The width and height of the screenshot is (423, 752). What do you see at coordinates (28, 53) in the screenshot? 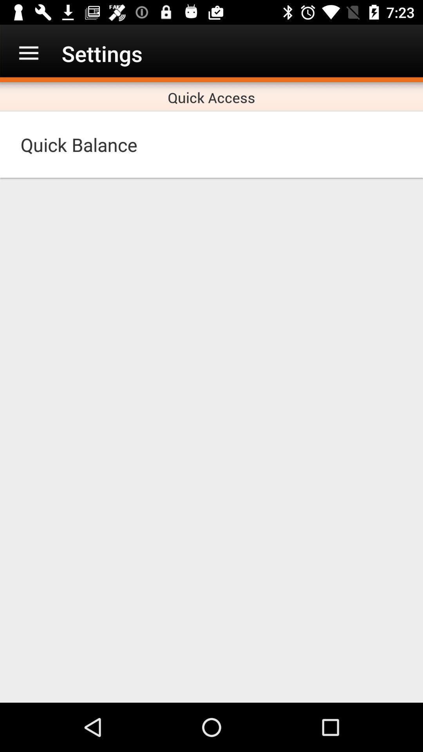
I see `the icon to the left of settings icon` at bounding box center [28, 53].